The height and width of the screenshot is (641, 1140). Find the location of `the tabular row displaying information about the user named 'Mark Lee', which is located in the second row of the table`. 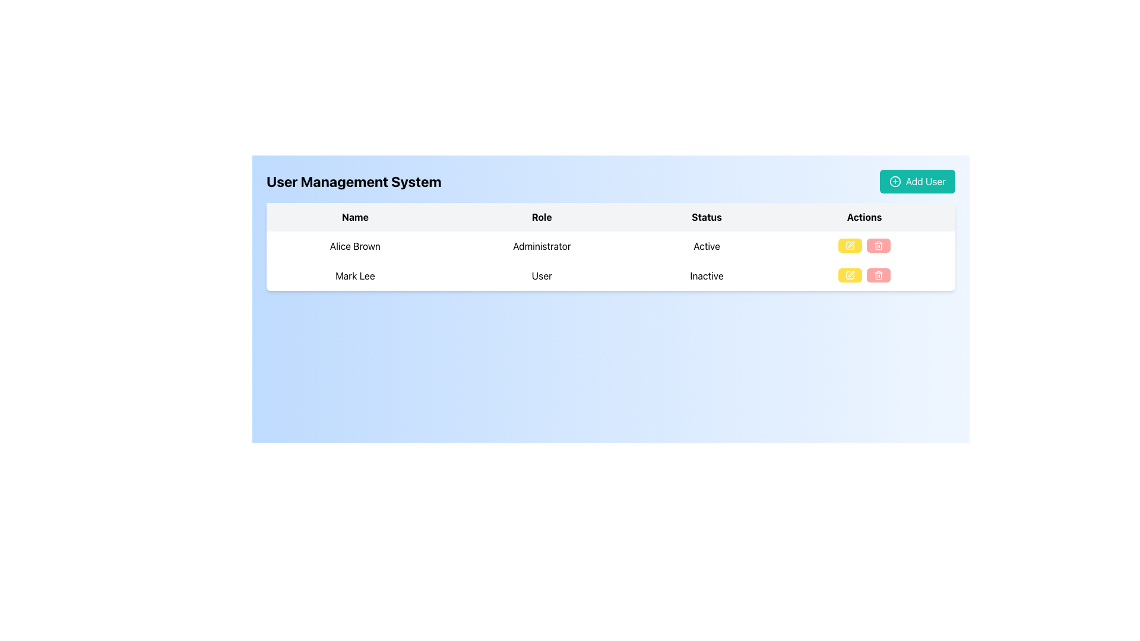

the tabular row displaying information about the user named 'Mark Lee', which is located in the second row of the table is located at coordinates (610, 276).